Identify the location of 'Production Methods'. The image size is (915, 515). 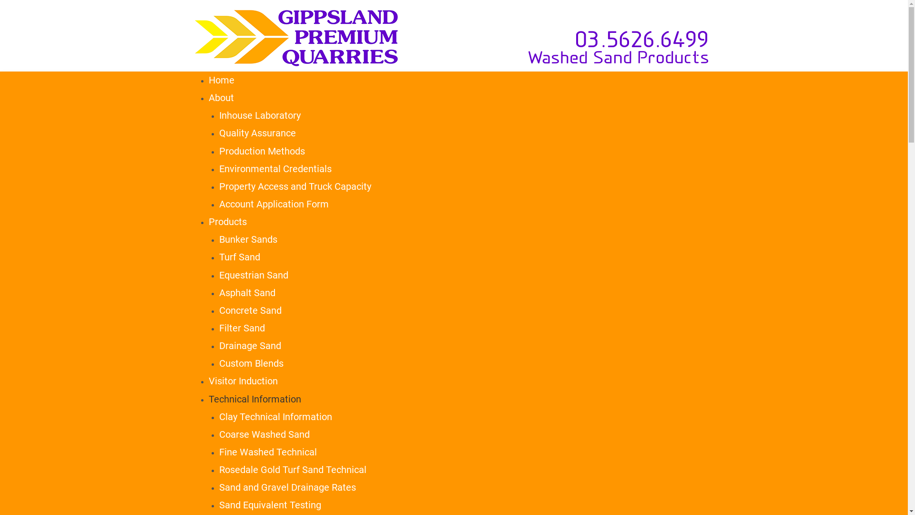
(262, 150).